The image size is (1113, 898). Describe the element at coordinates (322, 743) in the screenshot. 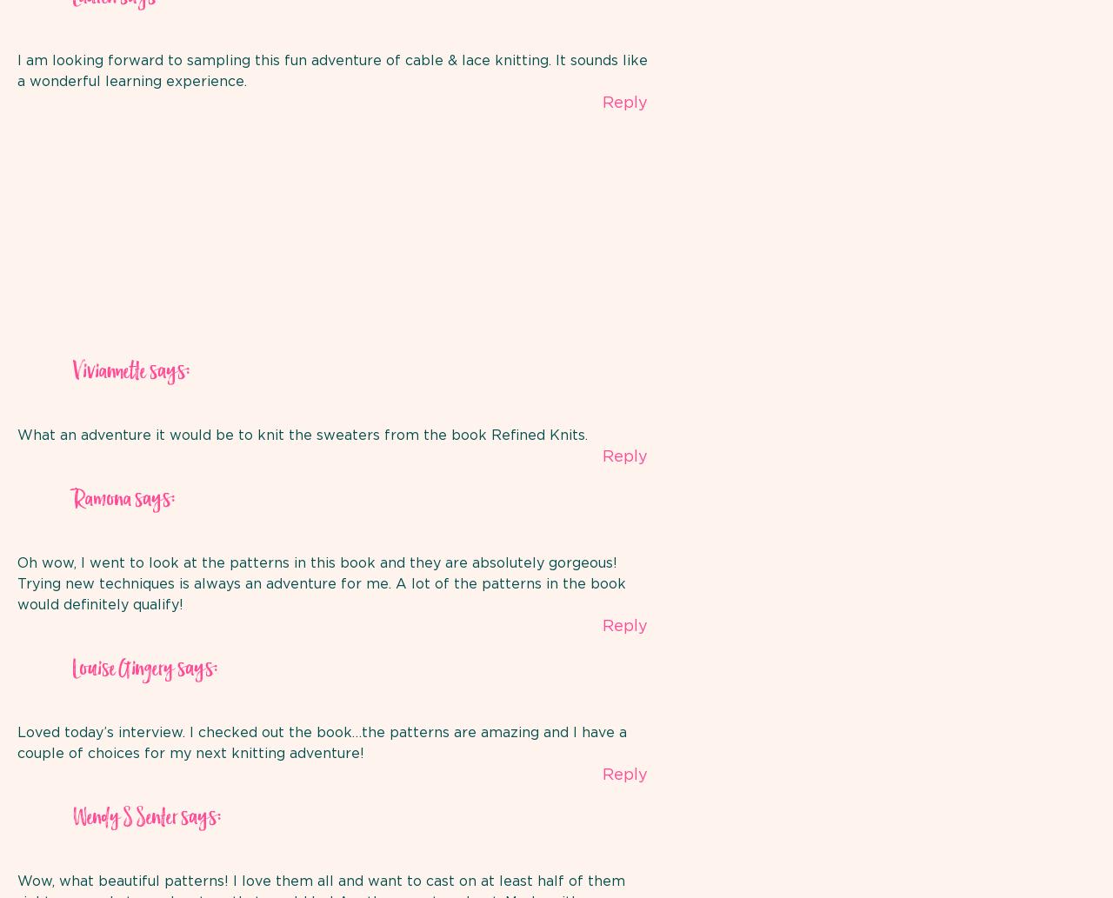

I see `'Loved today’s interview.  I checked out the book…the patterns are amazing and I have a couple of choices for my next knitting adventure!'` at that location.